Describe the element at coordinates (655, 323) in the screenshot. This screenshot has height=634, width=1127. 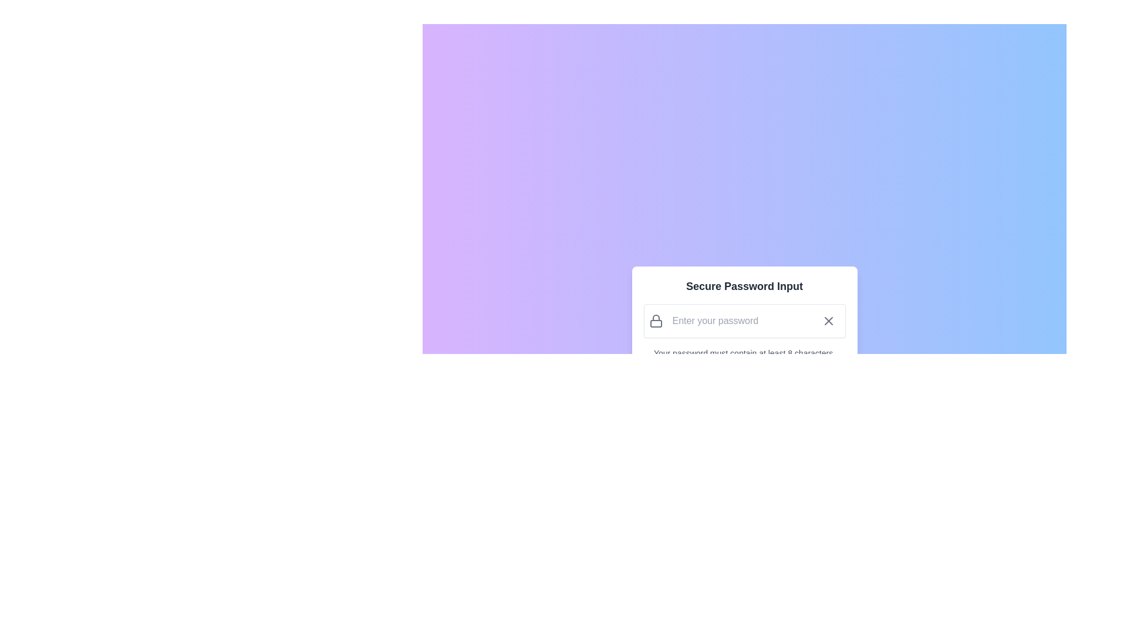
I see `the lower part of the lock icon symbol, which indicates a password or security feature in the 'Secure Password Input' component` at that location.